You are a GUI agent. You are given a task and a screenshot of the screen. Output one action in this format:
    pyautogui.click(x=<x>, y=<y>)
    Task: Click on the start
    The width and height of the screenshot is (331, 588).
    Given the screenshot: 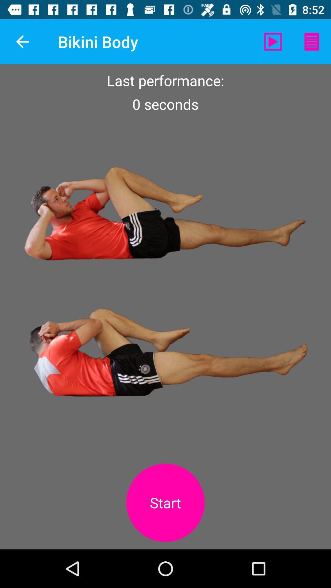 What is the action you would take?
    pyautogui.click(x=165, y=503)
    